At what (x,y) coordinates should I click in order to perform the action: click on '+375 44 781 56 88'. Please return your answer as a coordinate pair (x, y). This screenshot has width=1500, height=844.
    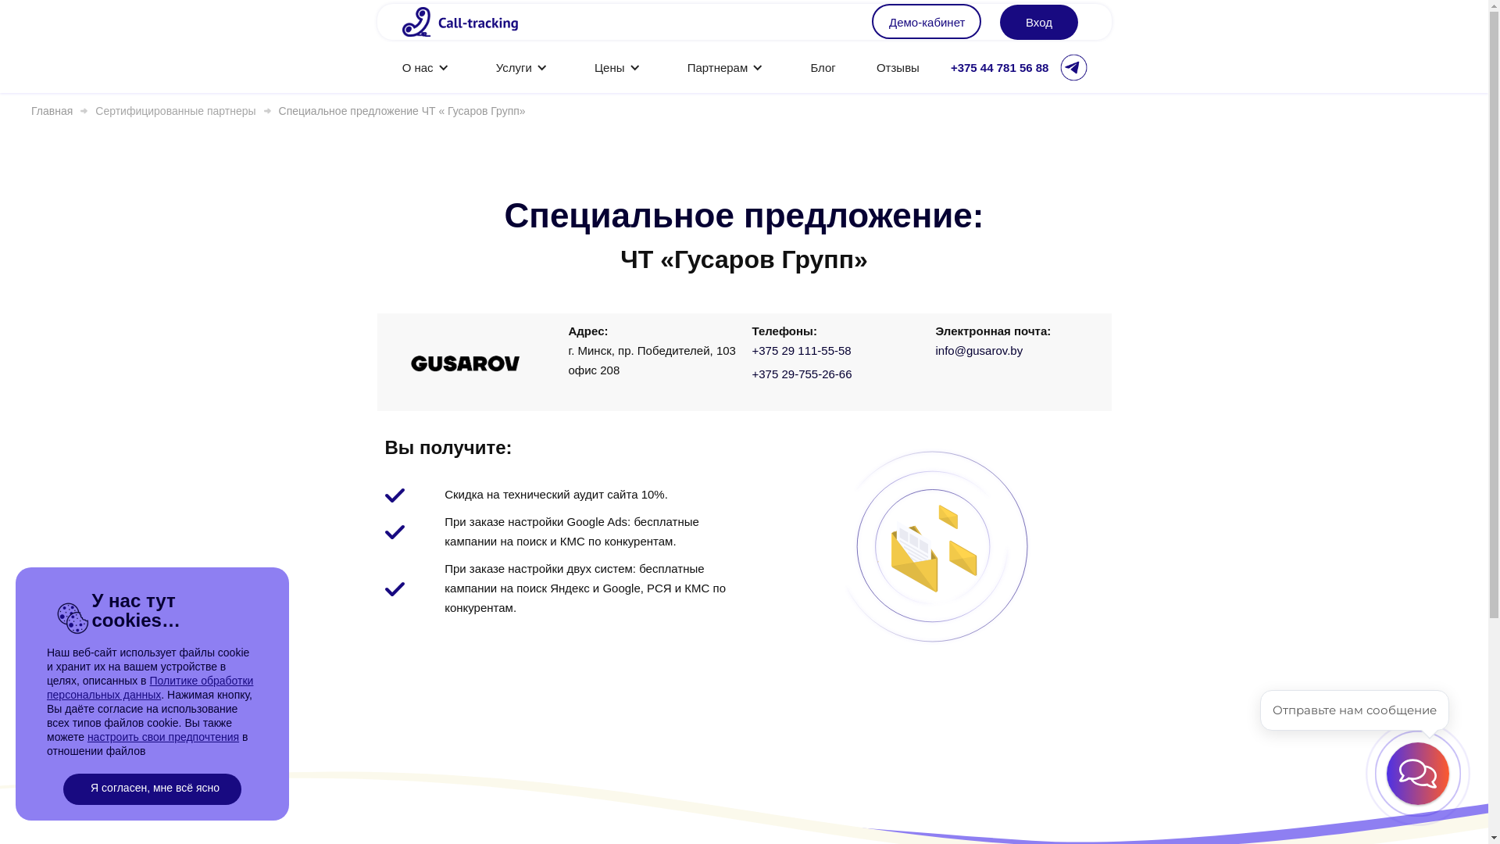
    Looking at the image, I should click on (1000, 66).